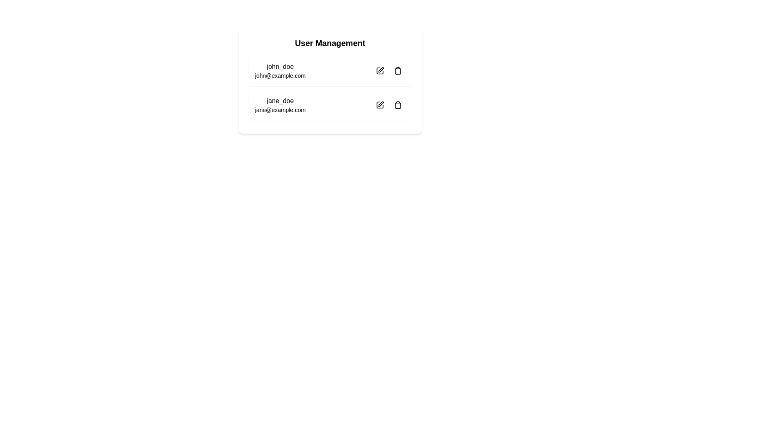 The width and height of the screenshot is (783, 440). What do you see at coordinates (398, 105) in the screenshot?
I see `the trash bin icon located to the far right of the entry 'jane_doe' in the user management interface` at bounding box center [398, 105].